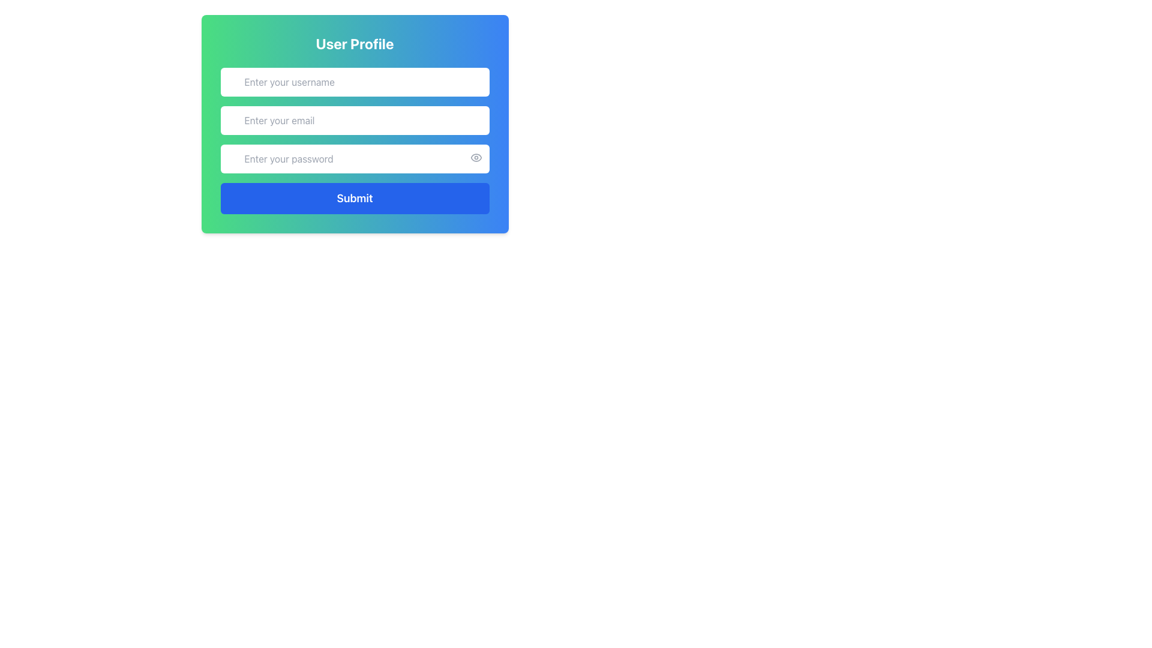  I want to click on the 'Submit' button, so click(354, 198).